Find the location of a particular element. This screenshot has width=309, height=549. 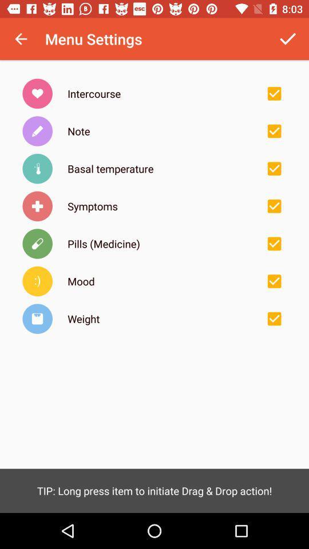

checkbox toggle is located at coordinates (274, 319).